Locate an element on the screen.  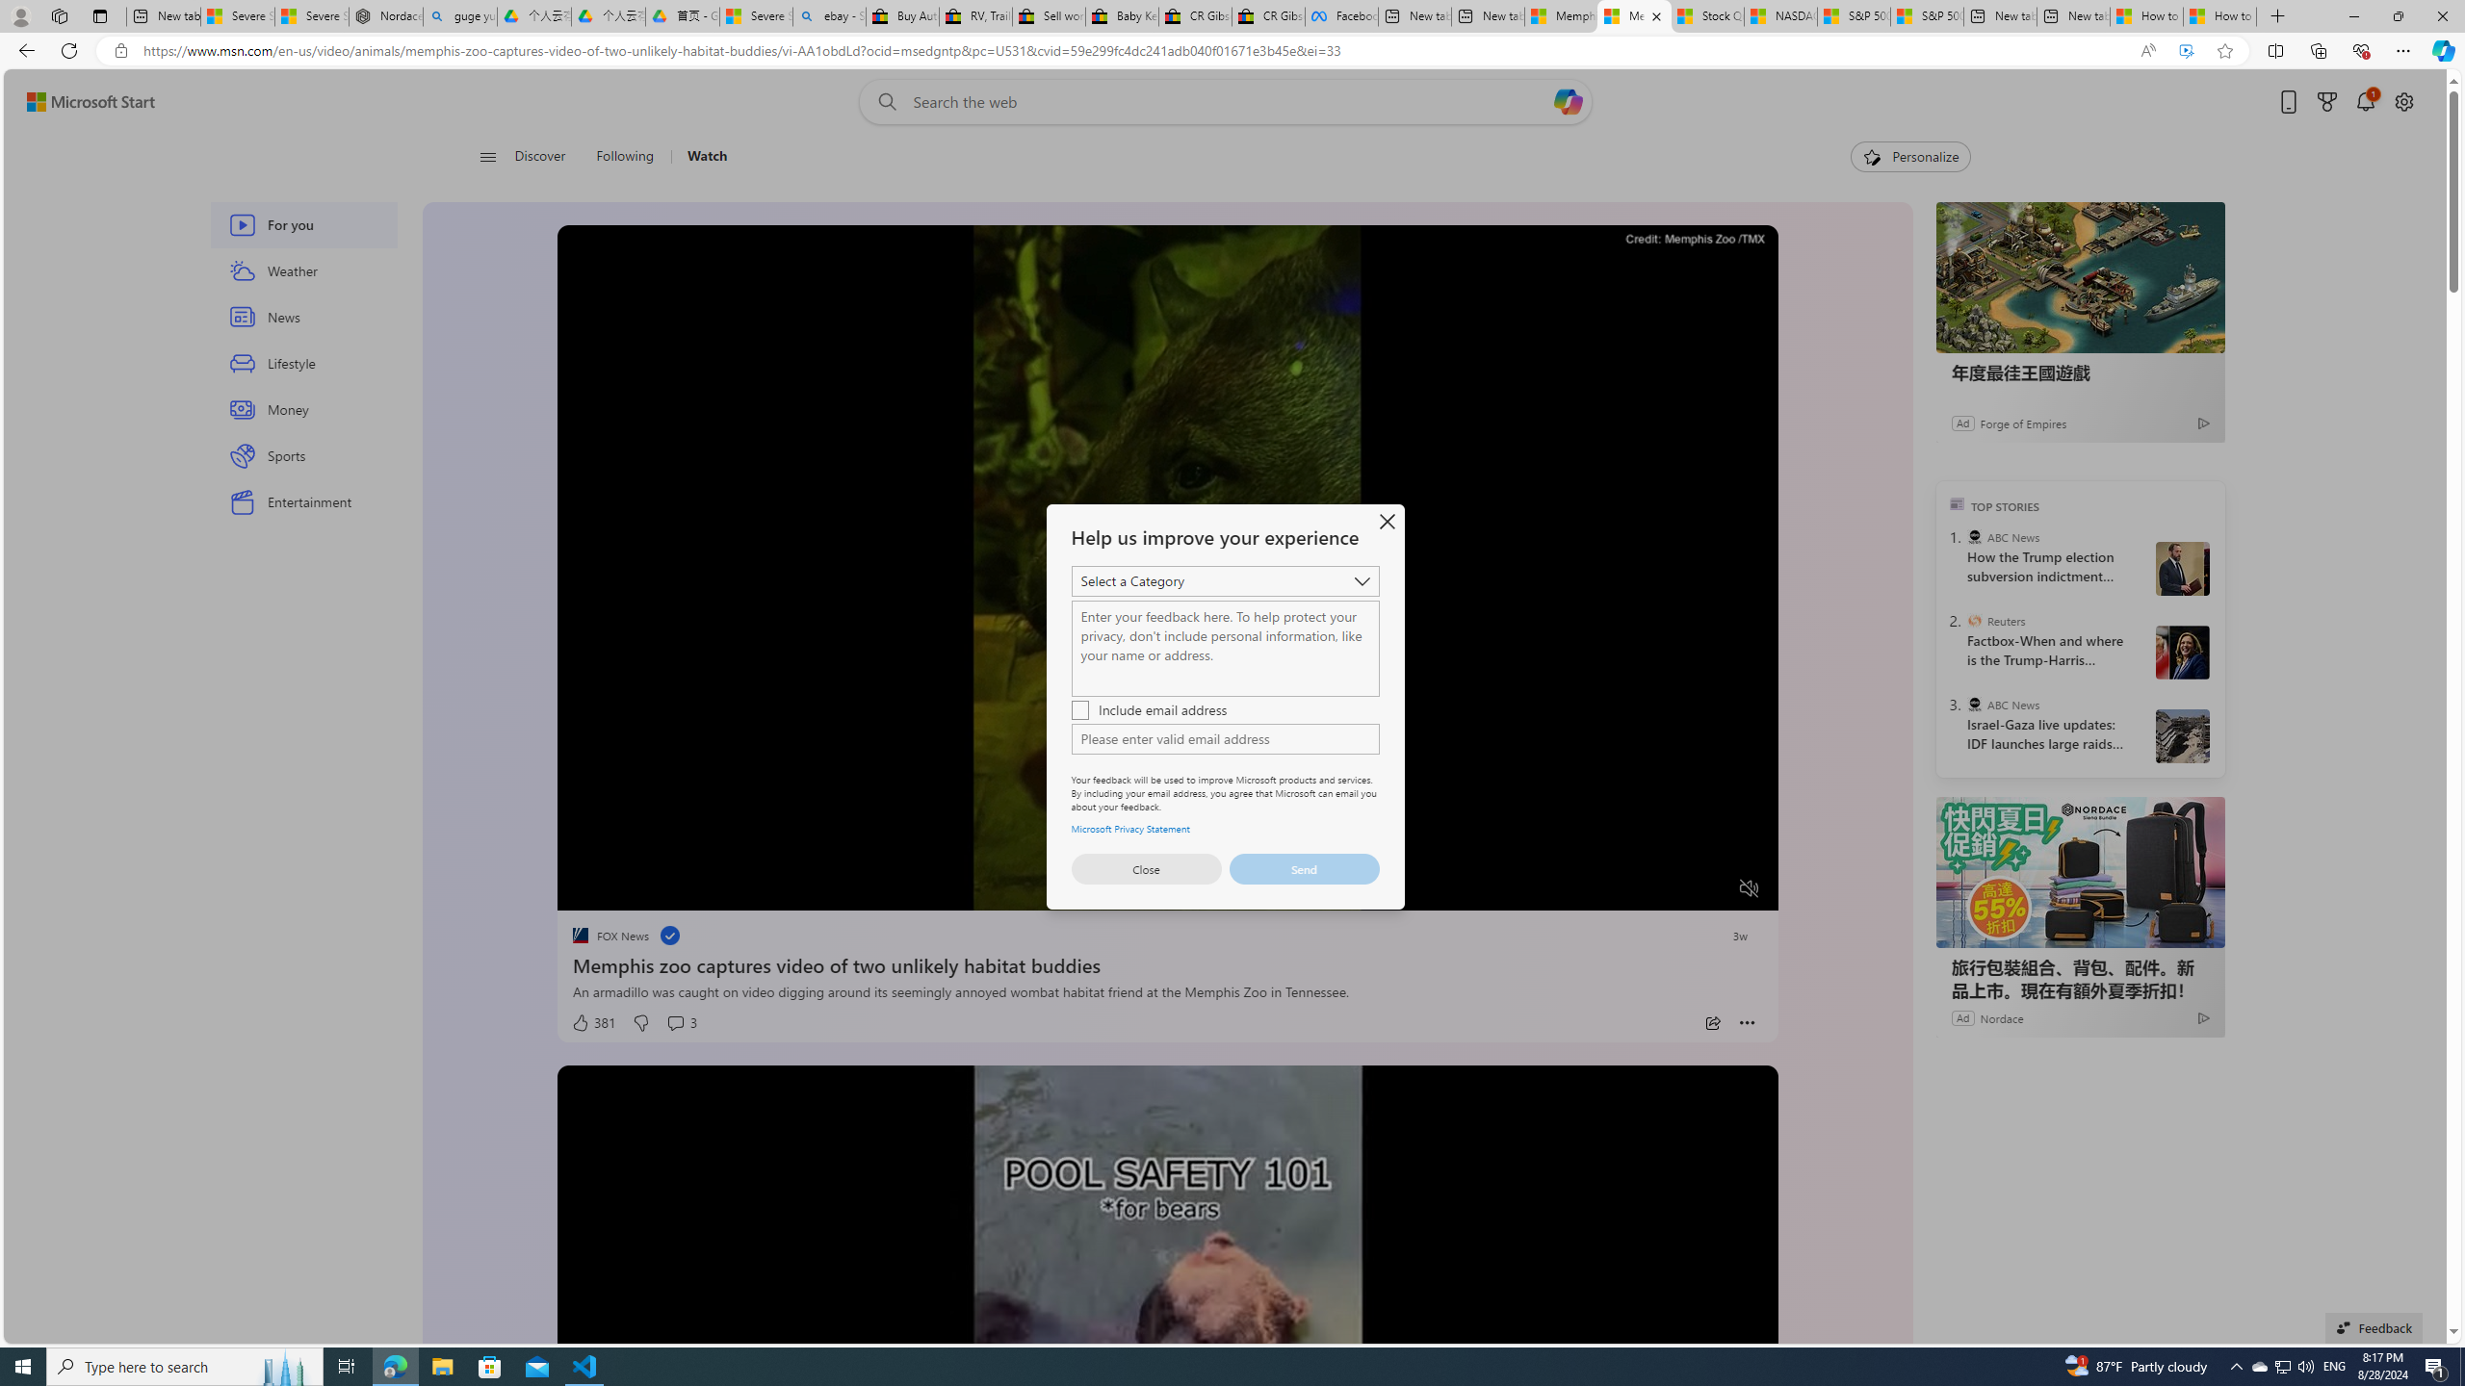
'Microsoft Privacy Statement' is located at coordinates (1129, 827).